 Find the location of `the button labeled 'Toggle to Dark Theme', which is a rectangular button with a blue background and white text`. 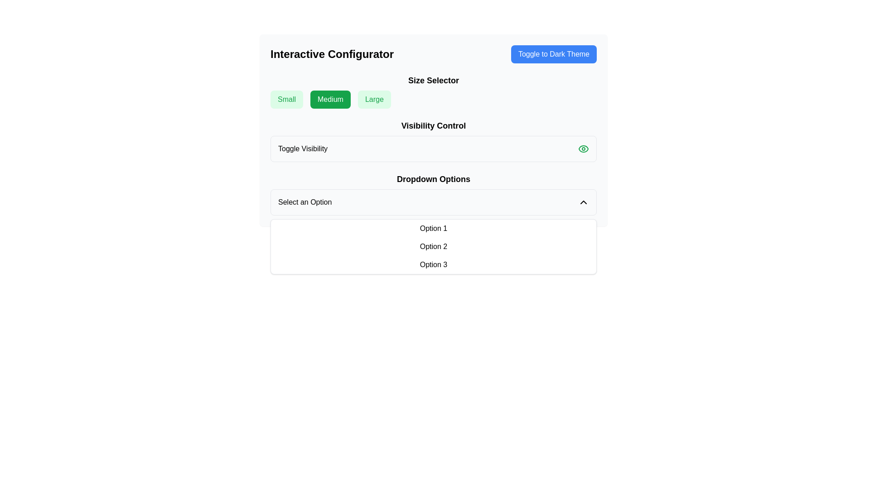

the button labeled 'Toggle to Dark Theme', which is a rectangular button with a blue background and white text is located at coordinates (553, 54).